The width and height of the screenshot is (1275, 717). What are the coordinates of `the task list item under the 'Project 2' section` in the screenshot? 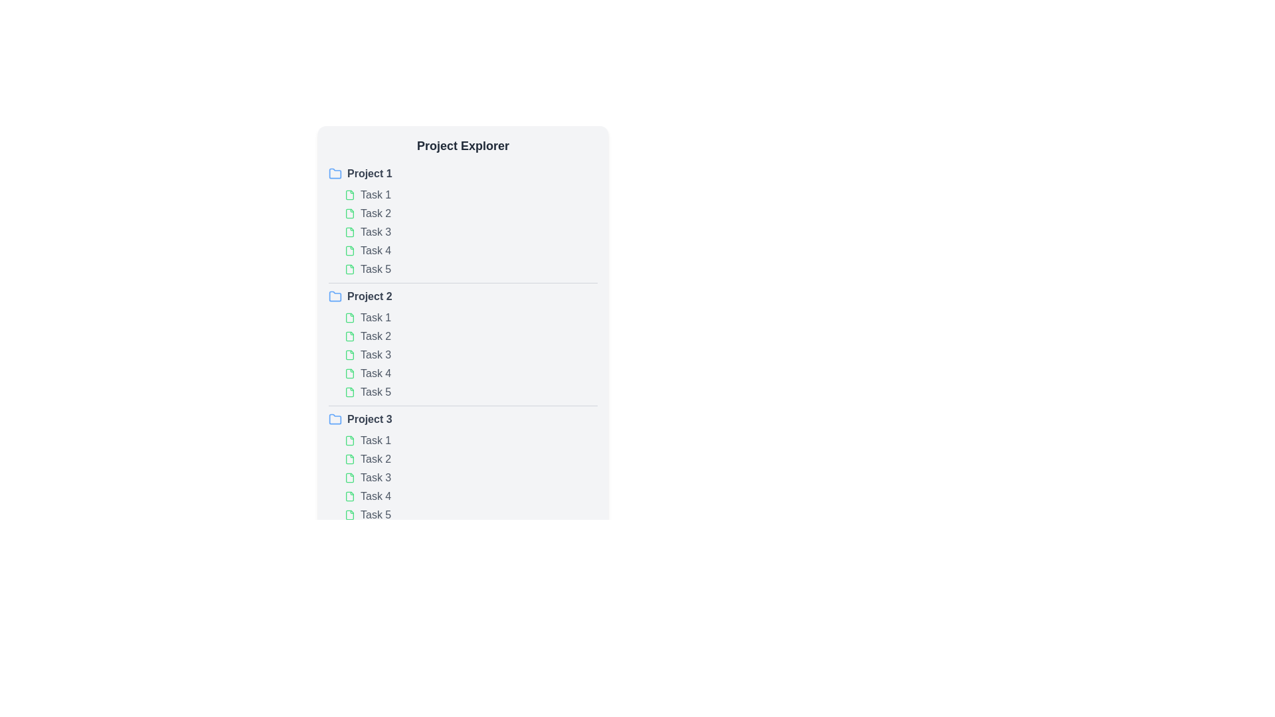 It's located at (471, 355).